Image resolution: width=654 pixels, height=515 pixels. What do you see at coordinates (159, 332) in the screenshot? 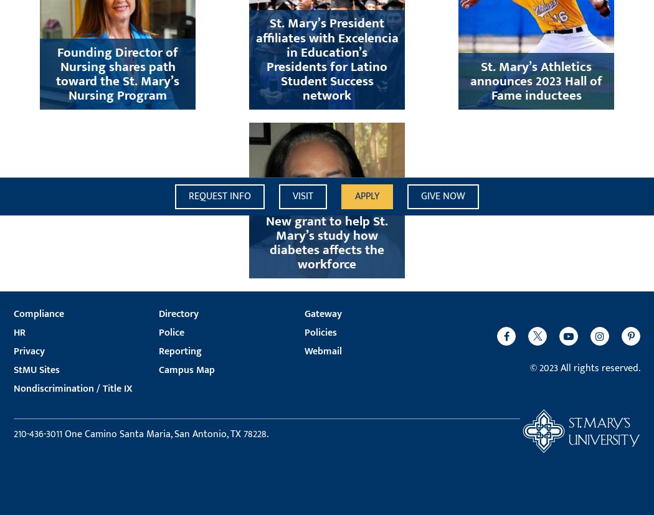
I see `'Police'` at bounding box center [159, 332].